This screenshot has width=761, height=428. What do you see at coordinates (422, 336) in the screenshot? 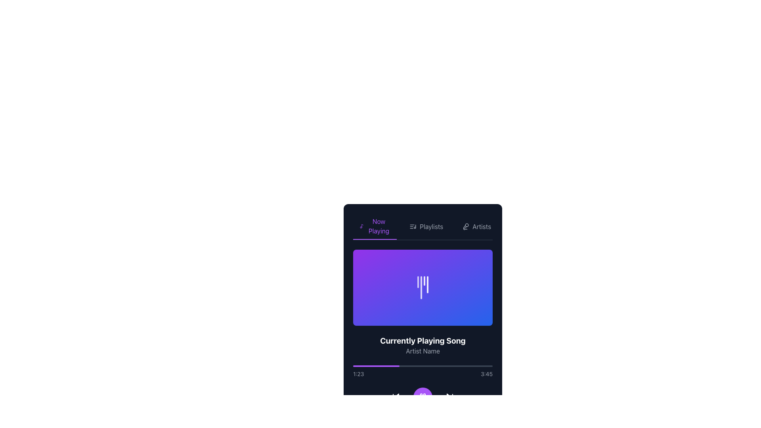
I see `the text of the Label displaying the currently playing song's title and artist, located in the 'Now Playing' section of the interface` at bounding box center [422, 336].